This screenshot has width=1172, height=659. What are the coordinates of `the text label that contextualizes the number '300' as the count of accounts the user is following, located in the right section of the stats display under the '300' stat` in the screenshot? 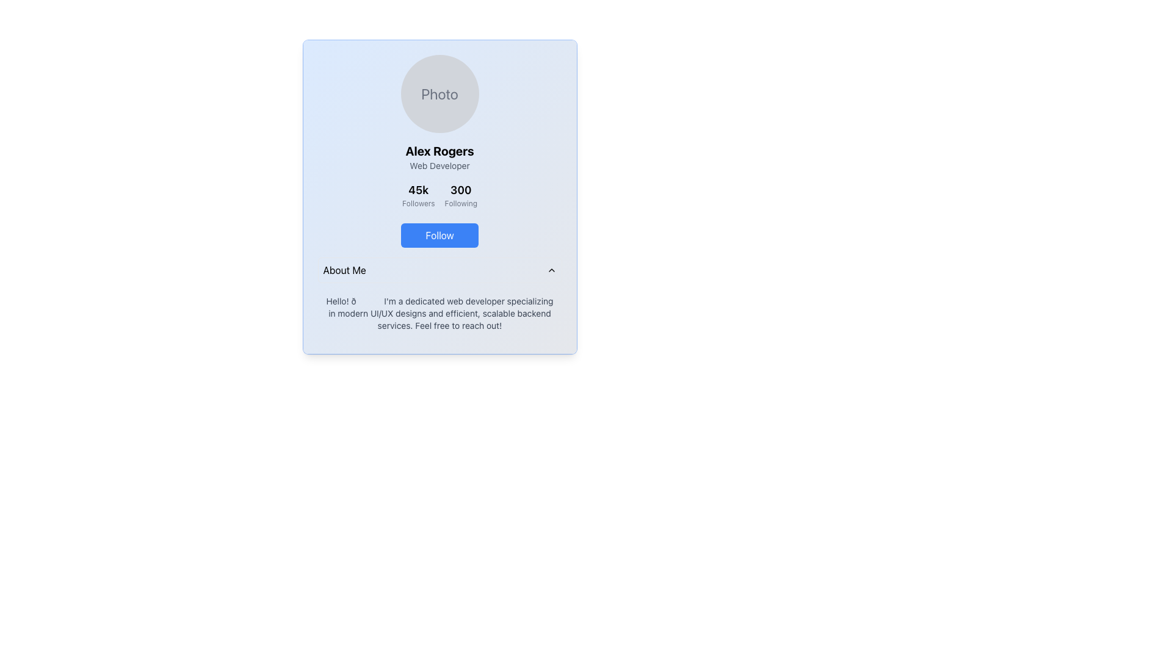 It's located at (460, 203).